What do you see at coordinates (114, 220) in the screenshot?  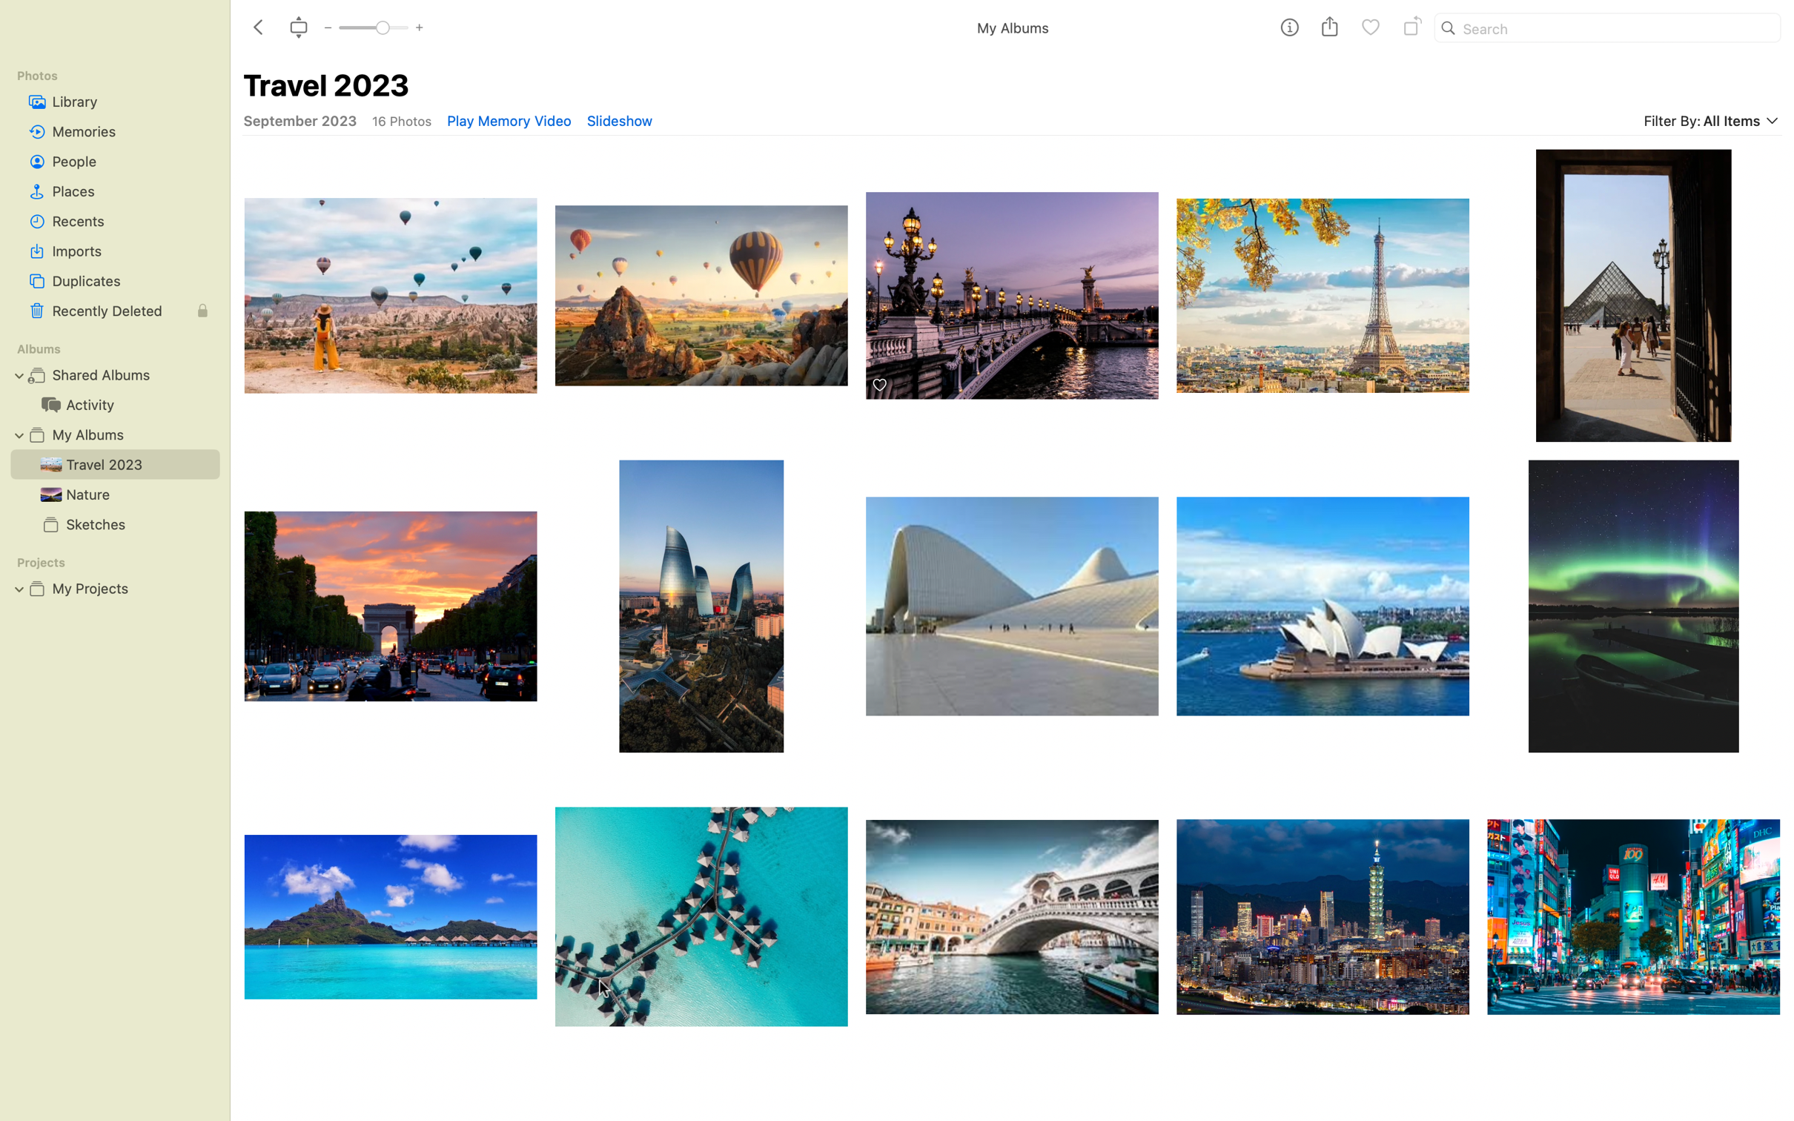 I see `the "Recents" album and expand the size of the photos using the top control bar` at bounding box center [114, 220].